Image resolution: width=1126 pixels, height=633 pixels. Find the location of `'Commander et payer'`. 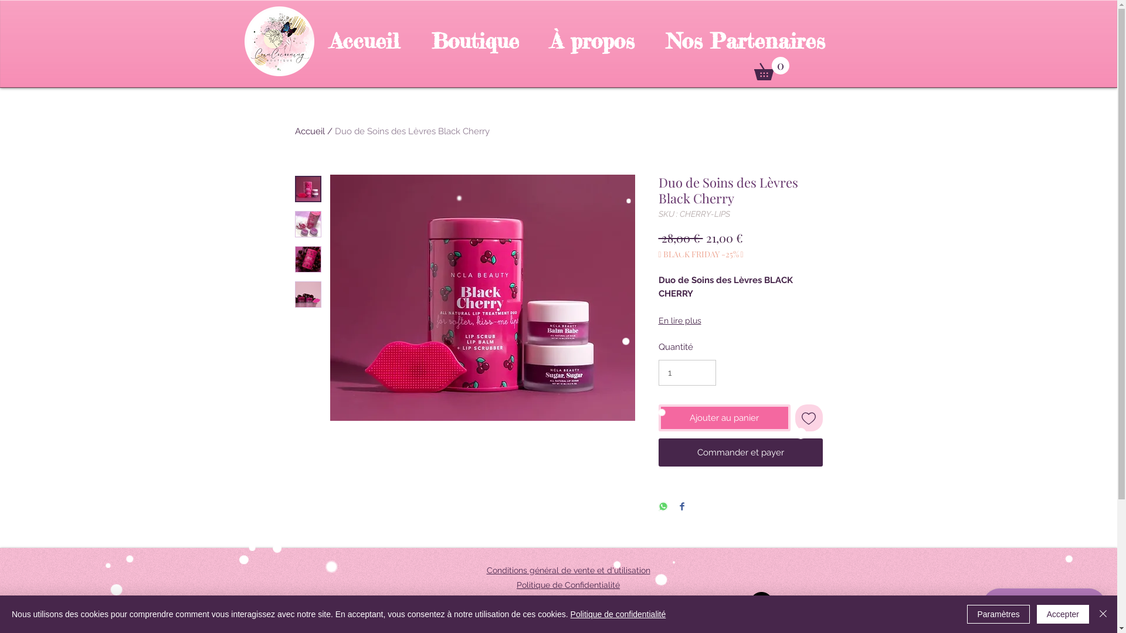

'Commander et payer' is located at coordinates (740, 451).